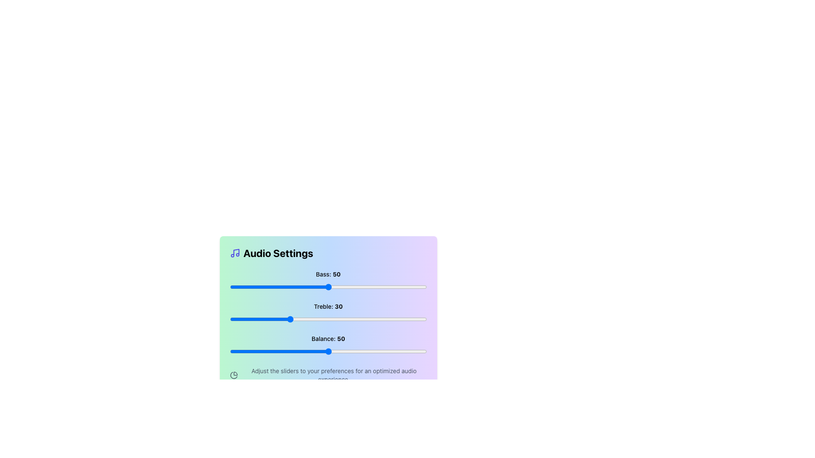 This screenshot has width=815, height=458. What do you see at coordinates (419, 287) in the screenshot?
I see `the bass level` at bounding box center [419, 287].